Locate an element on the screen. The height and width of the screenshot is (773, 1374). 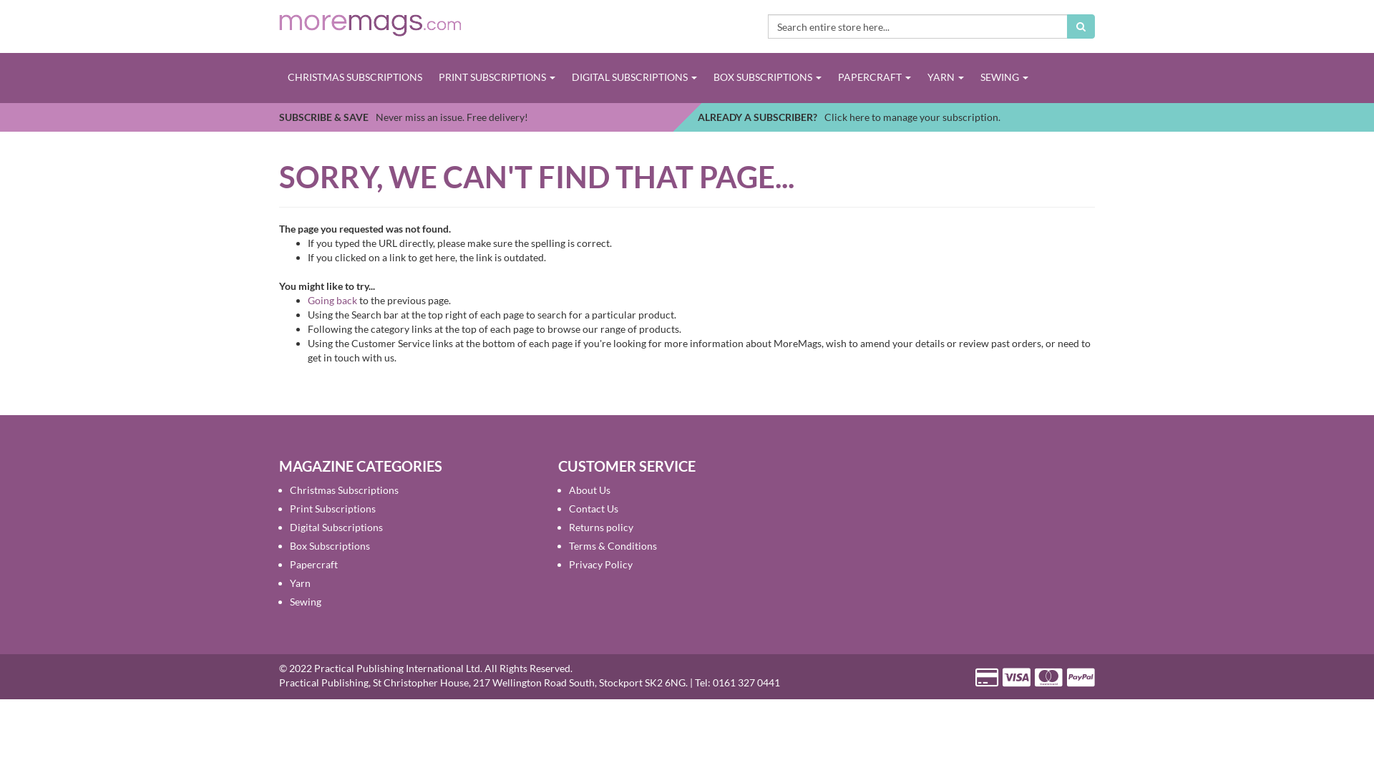
'CHRISTMAS SUBSCRIPTIONS' is located at coordinates (354, 77).